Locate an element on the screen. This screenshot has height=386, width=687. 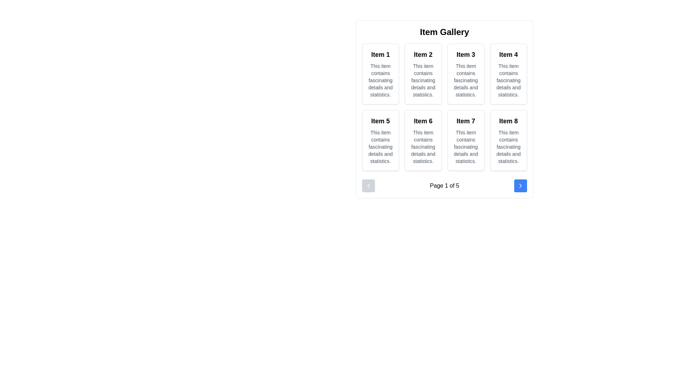
the text content of the Text Display located in the second line of the card titled 'Item 3' in the top-right segment of the grid layout is located at coordinates (466, 80).